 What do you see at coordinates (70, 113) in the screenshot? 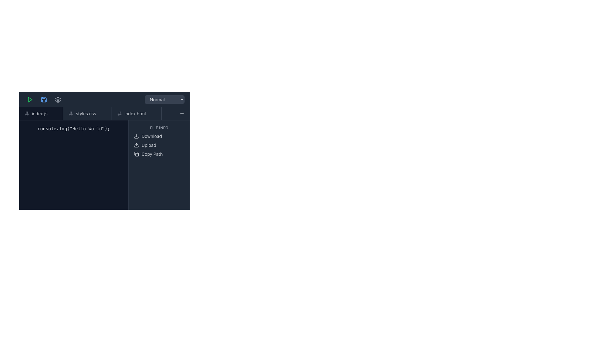
I see `the small gray hash icon located beside the 'styles.css' text in the header area of the interface if it is interactive` at bounding box center [70, 113].